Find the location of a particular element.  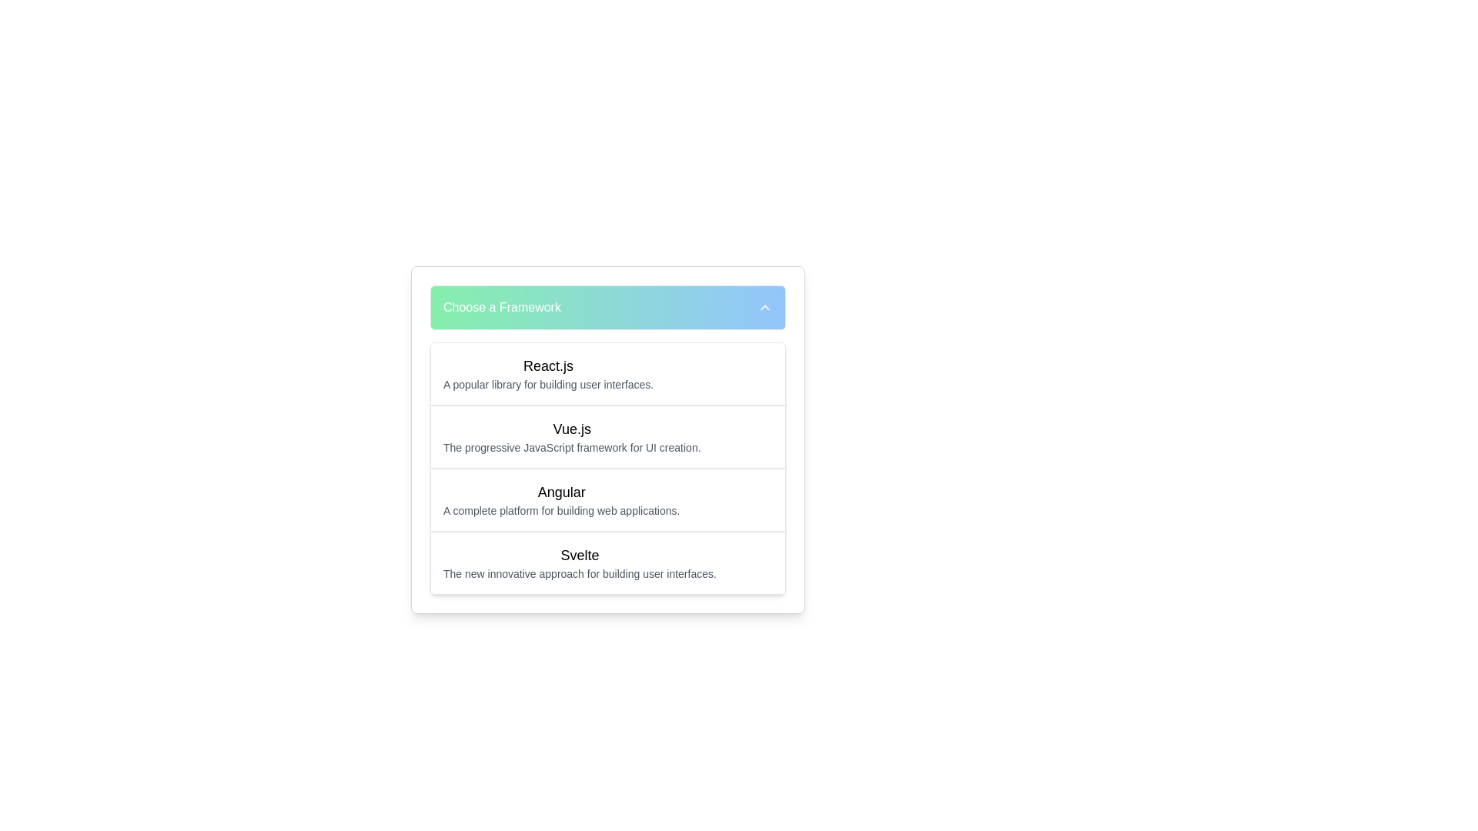

the text label displaying 'React.js' which is styled with a medium font weight and larger text size, located in the 'Choose a Framework' selection panel is located at coordinates (548, 374).